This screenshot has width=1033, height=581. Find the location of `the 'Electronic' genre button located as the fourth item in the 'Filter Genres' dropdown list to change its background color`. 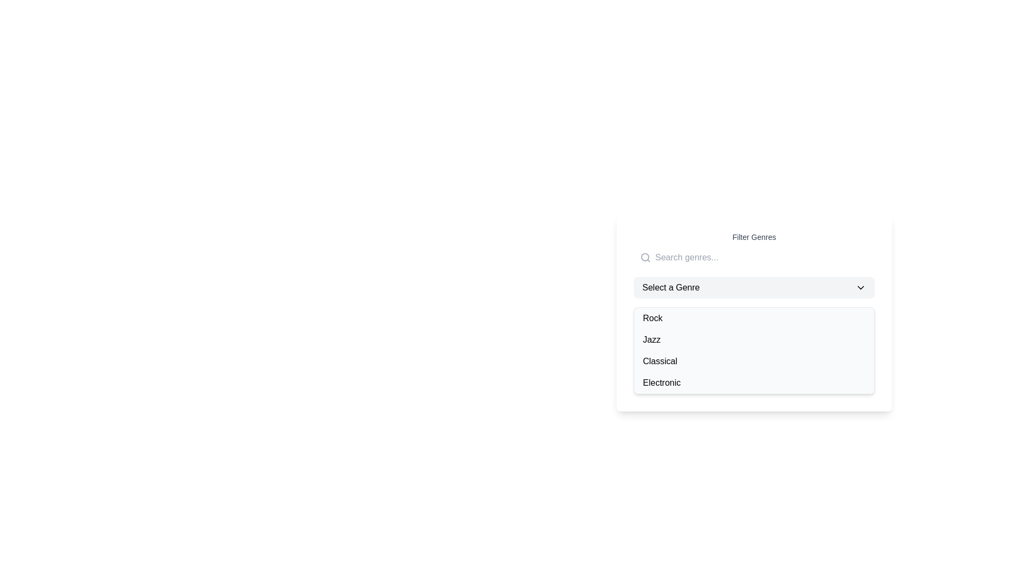

the 'Electronic' genre button located as the fourth item in the 'Filter Genres' dropdown list to change its background color is located at coordinates (753, 382).